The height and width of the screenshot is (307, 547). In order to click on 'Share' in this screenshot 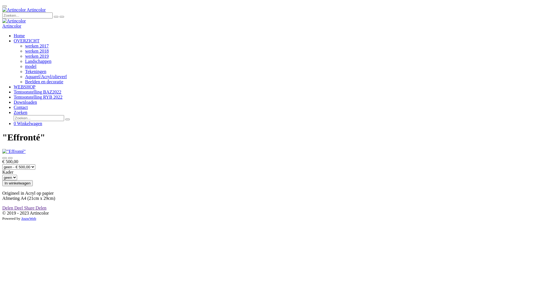, I will do `click(29, 208)`.